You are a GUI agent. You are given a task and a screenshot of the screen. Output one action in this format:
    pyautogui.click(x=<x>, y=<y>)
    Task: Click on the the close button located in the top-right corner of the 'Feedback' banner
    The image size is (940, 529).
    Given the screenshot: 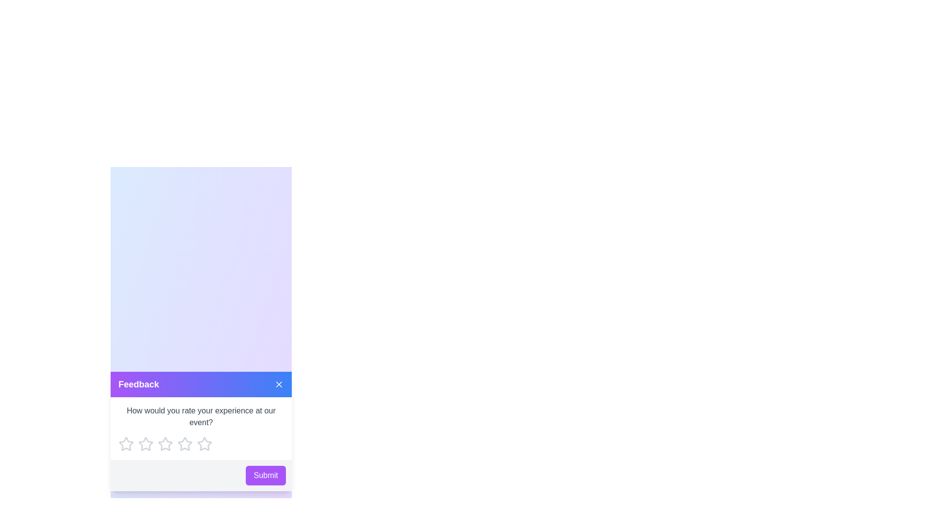 What is the action you would take?
    pyautogui.click(x=279, y=384)
    